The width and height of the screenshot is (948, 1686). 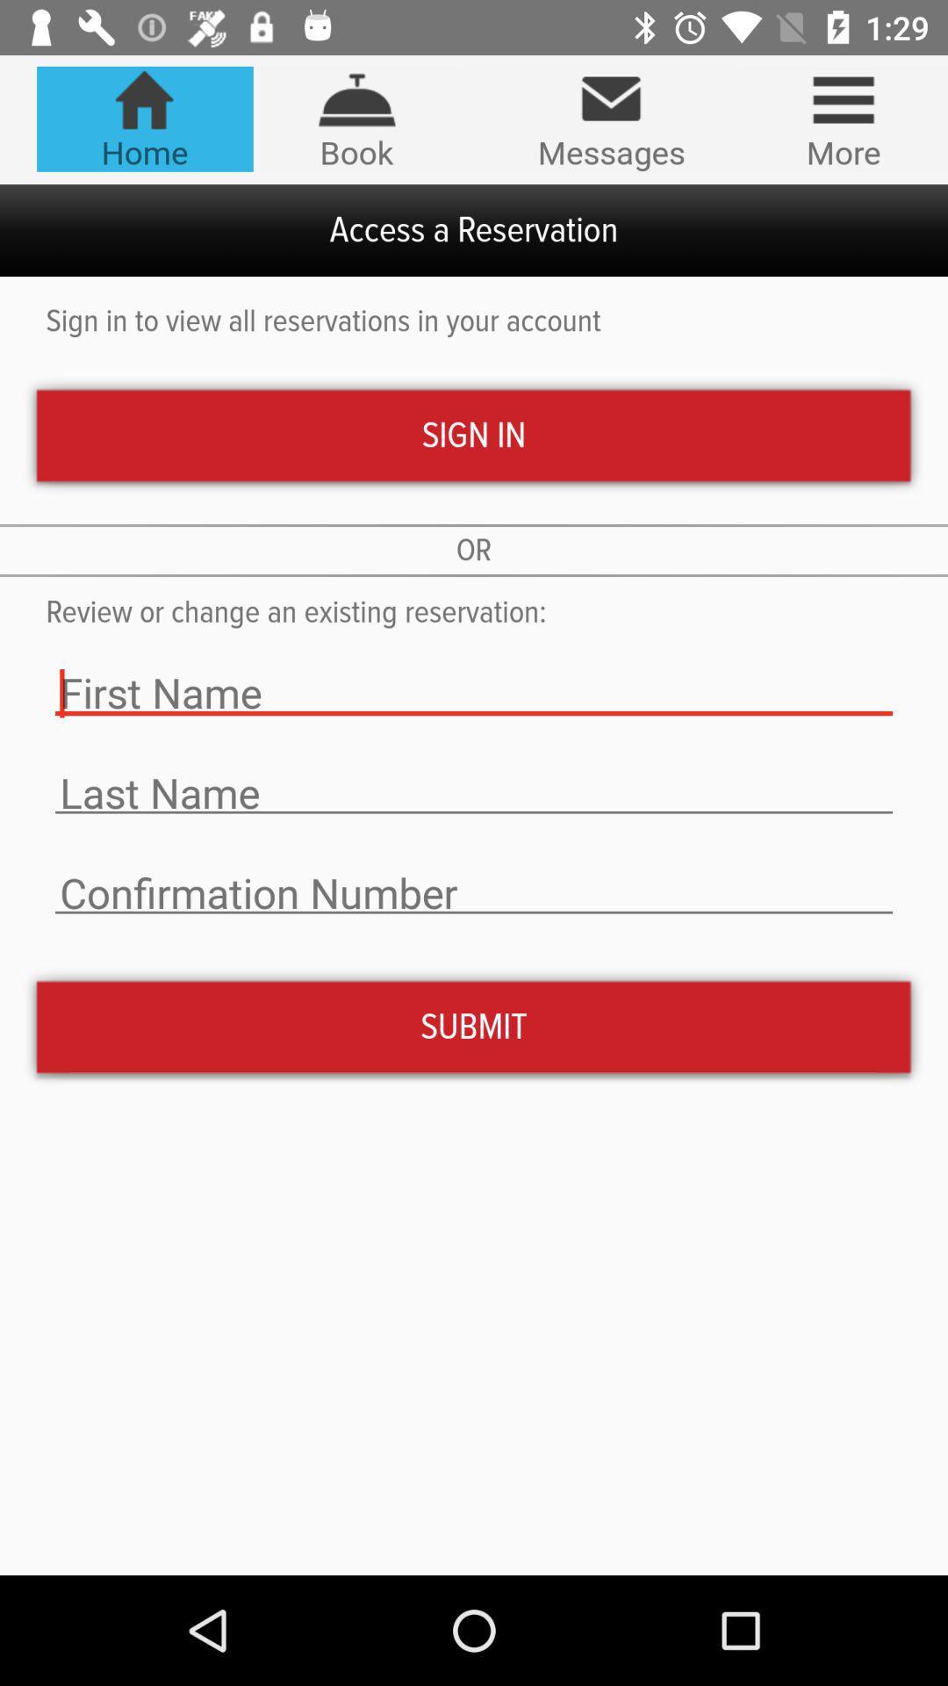 I want to click on book icon, so click(x=355, y=118).